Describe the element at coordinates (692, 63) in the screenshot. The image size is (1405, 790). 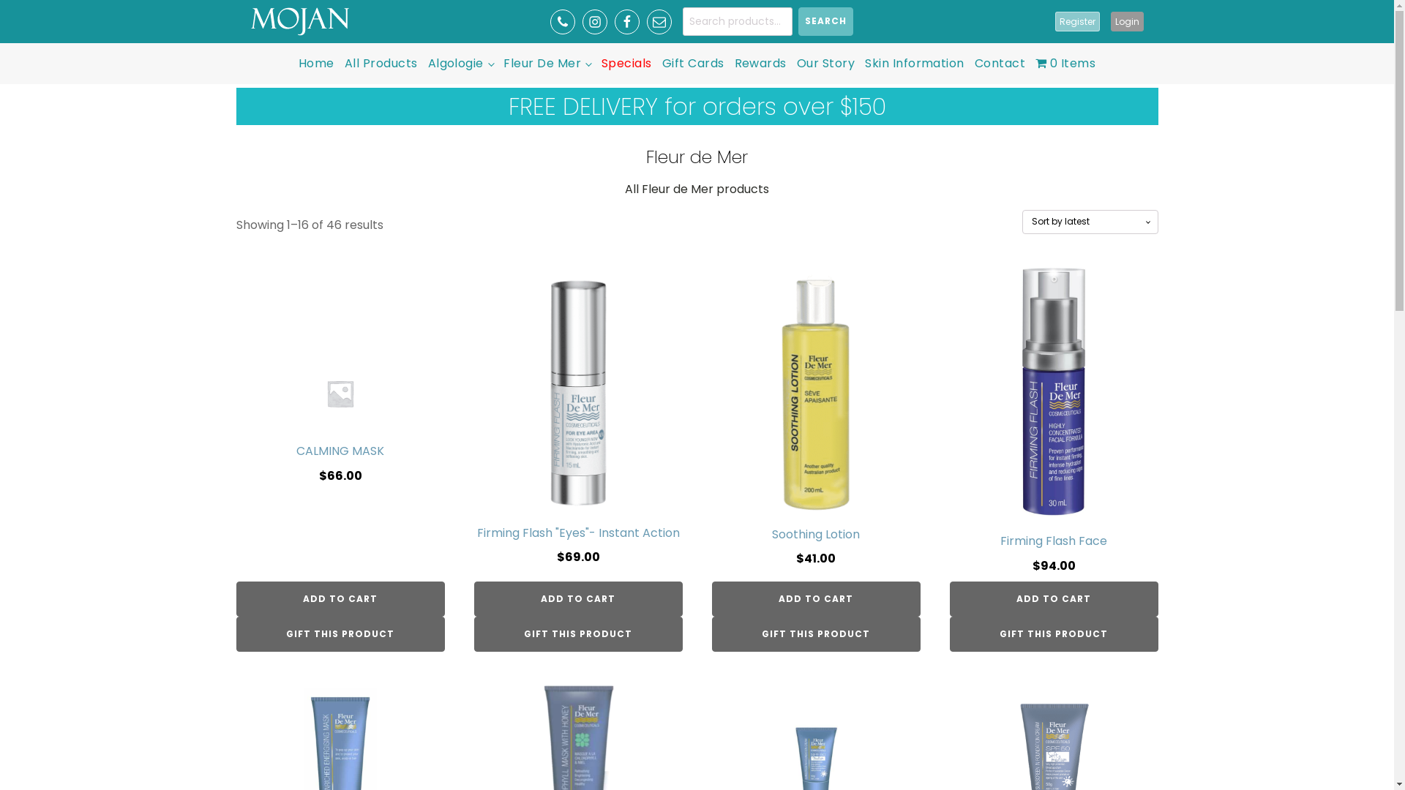
I see `'Gift Cards'` at that location.